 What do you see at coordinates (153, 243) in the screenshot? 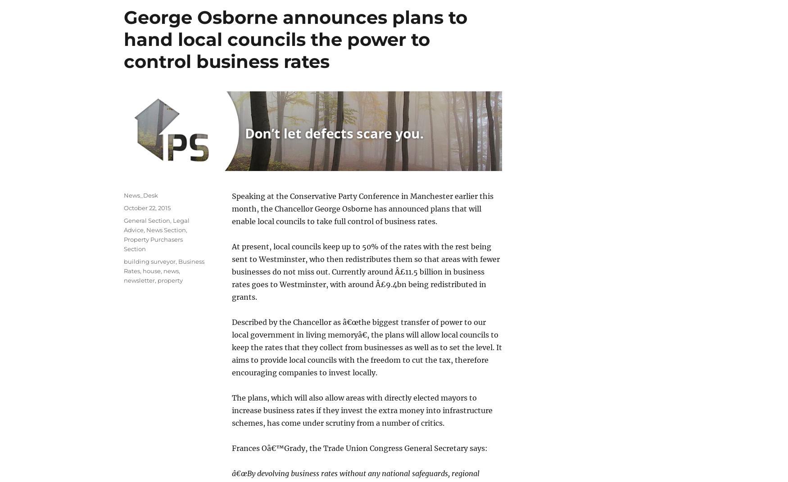
I see `'Property Purchasers Section'` at bounding box center [153, 243].